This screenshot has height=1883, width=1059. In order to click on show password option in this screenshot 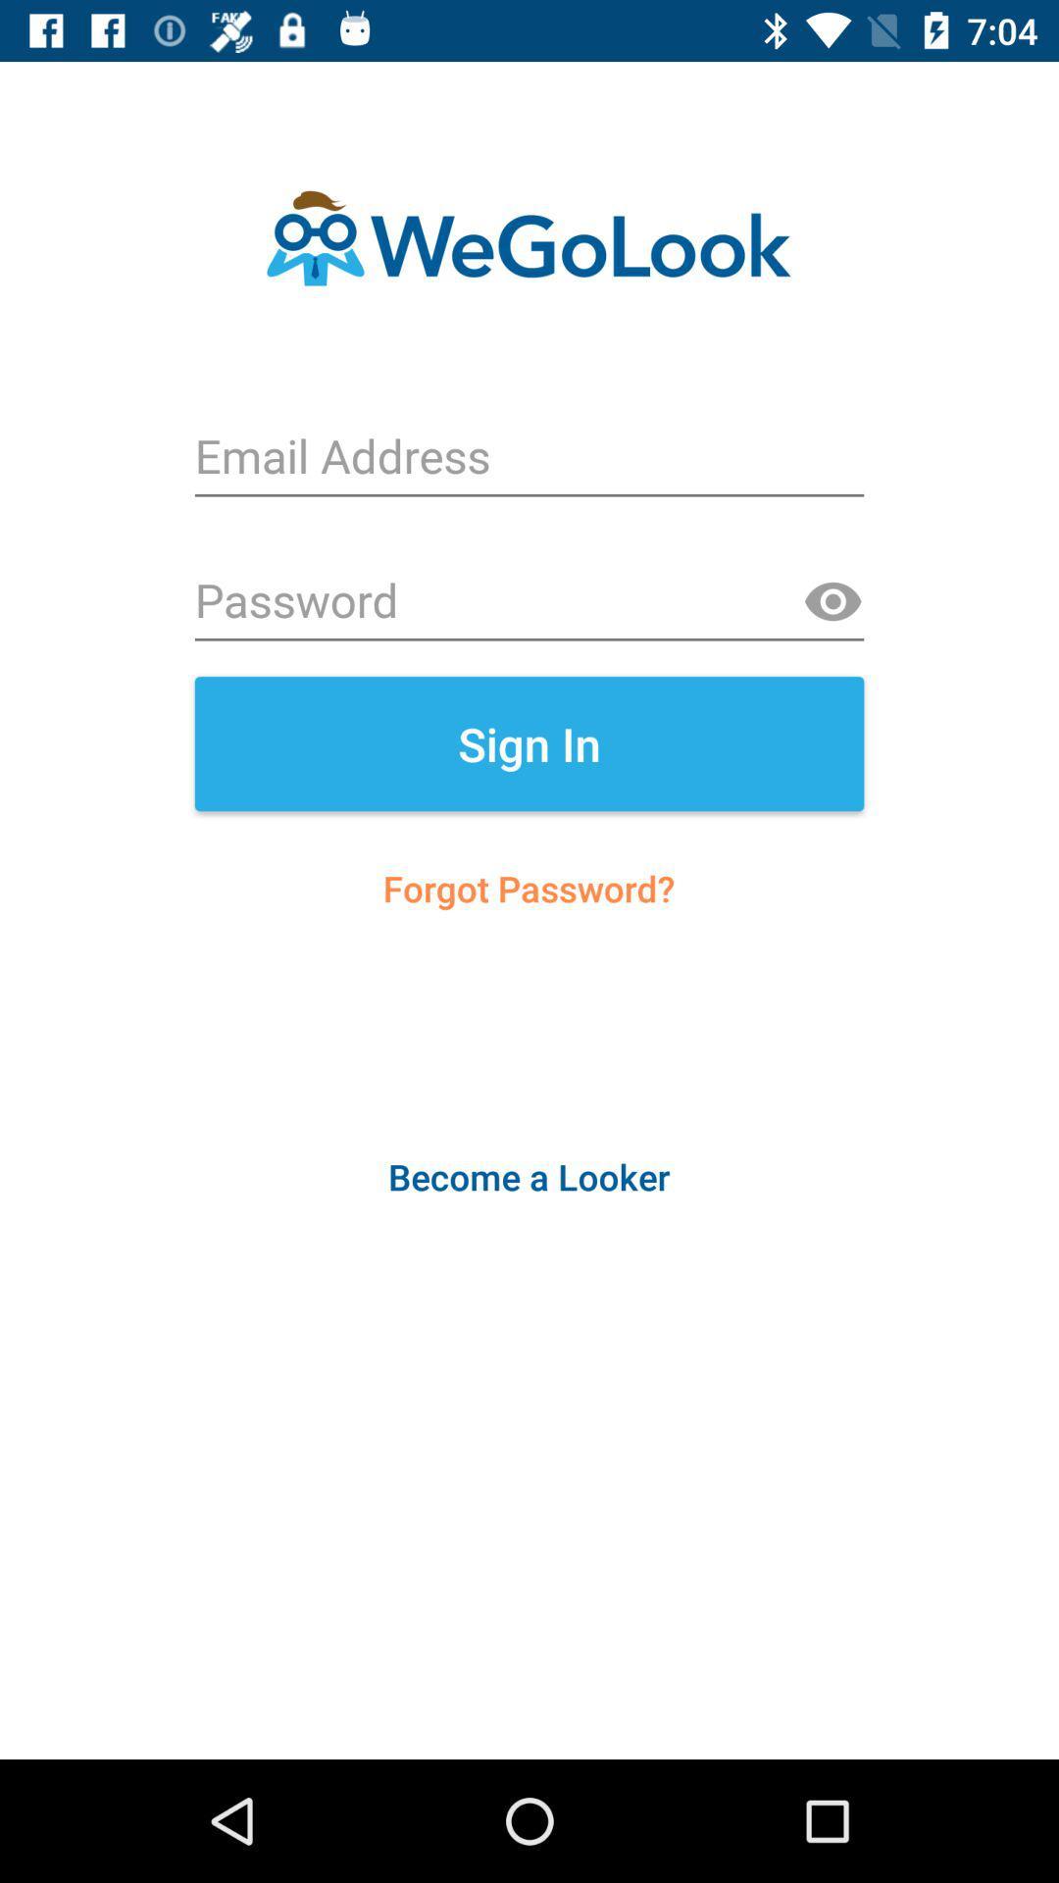, I will do `click(832, 601)`.